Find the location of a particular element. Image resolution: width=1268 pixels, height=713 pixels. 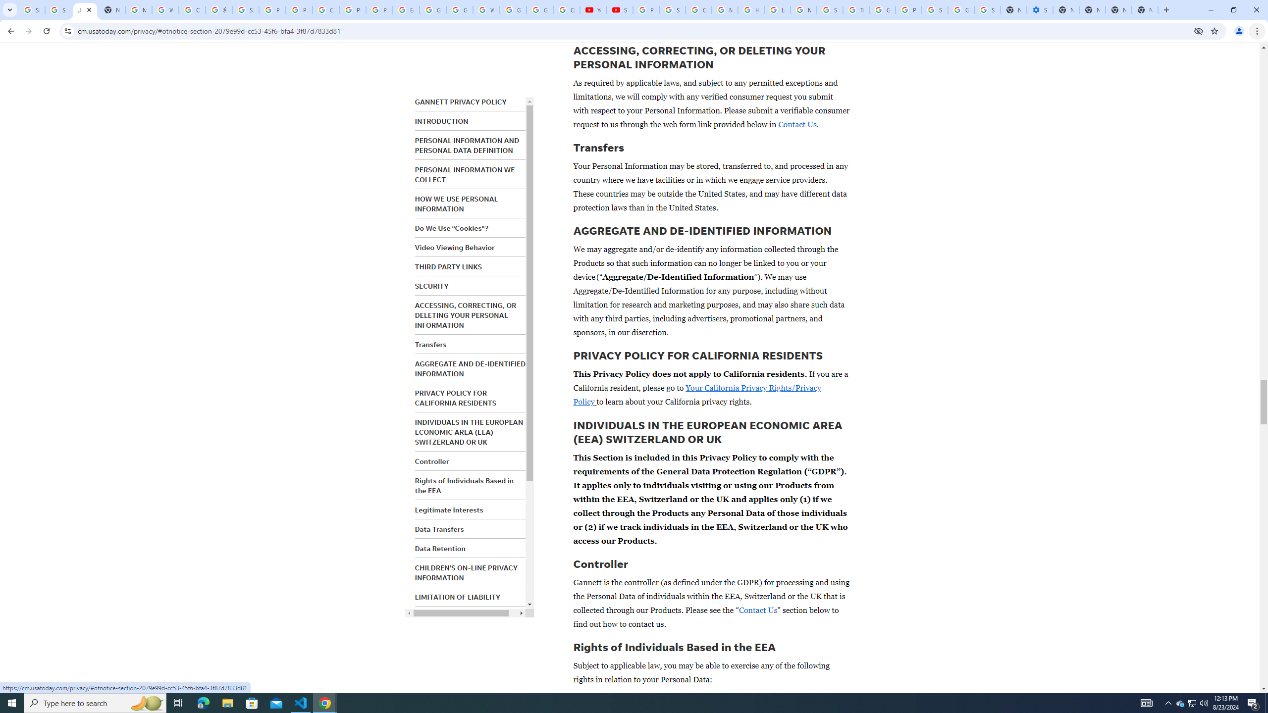

'THIRD PARTY LINKS' is located at coordinates (448, 267).